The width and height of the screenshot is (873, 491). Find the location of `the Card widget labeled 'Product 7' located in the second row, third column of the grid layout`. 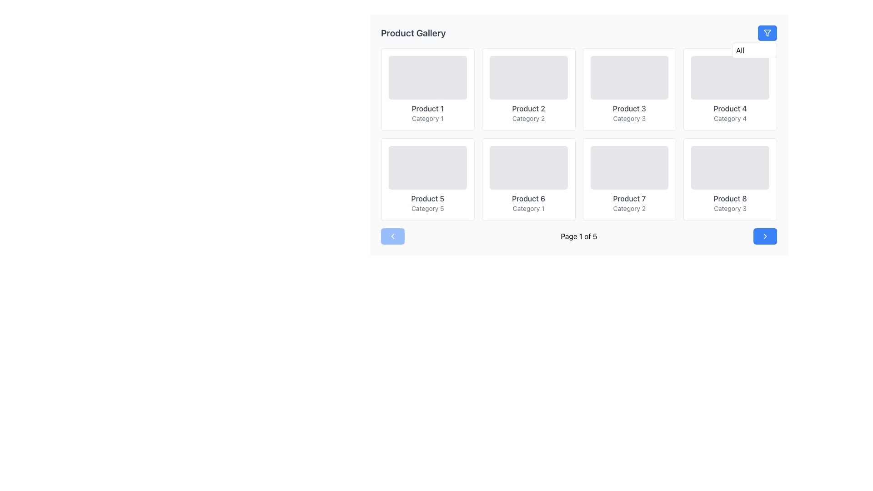

the Card widget labeled 'Product 7' located in the second row, third column of the grid layout is located at coordinates (629, 179).